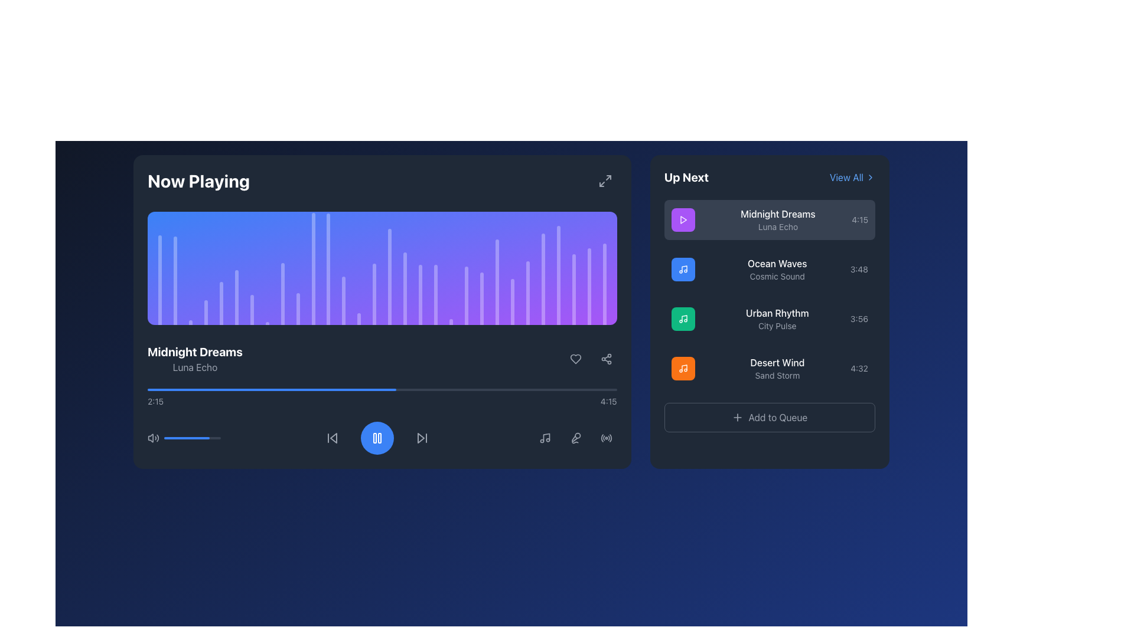  I want to click on the first List item card in the 'Up Next' sidebar section, which displays details about the currently active or queued song, so click(770, 220).